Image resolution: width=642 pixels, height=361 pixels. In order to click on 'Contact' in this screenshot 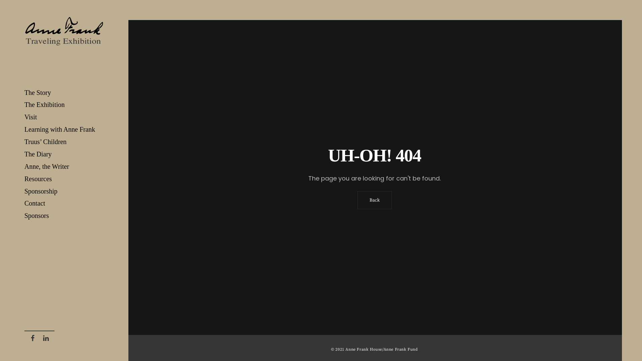, I will do `click(64, 203)`.